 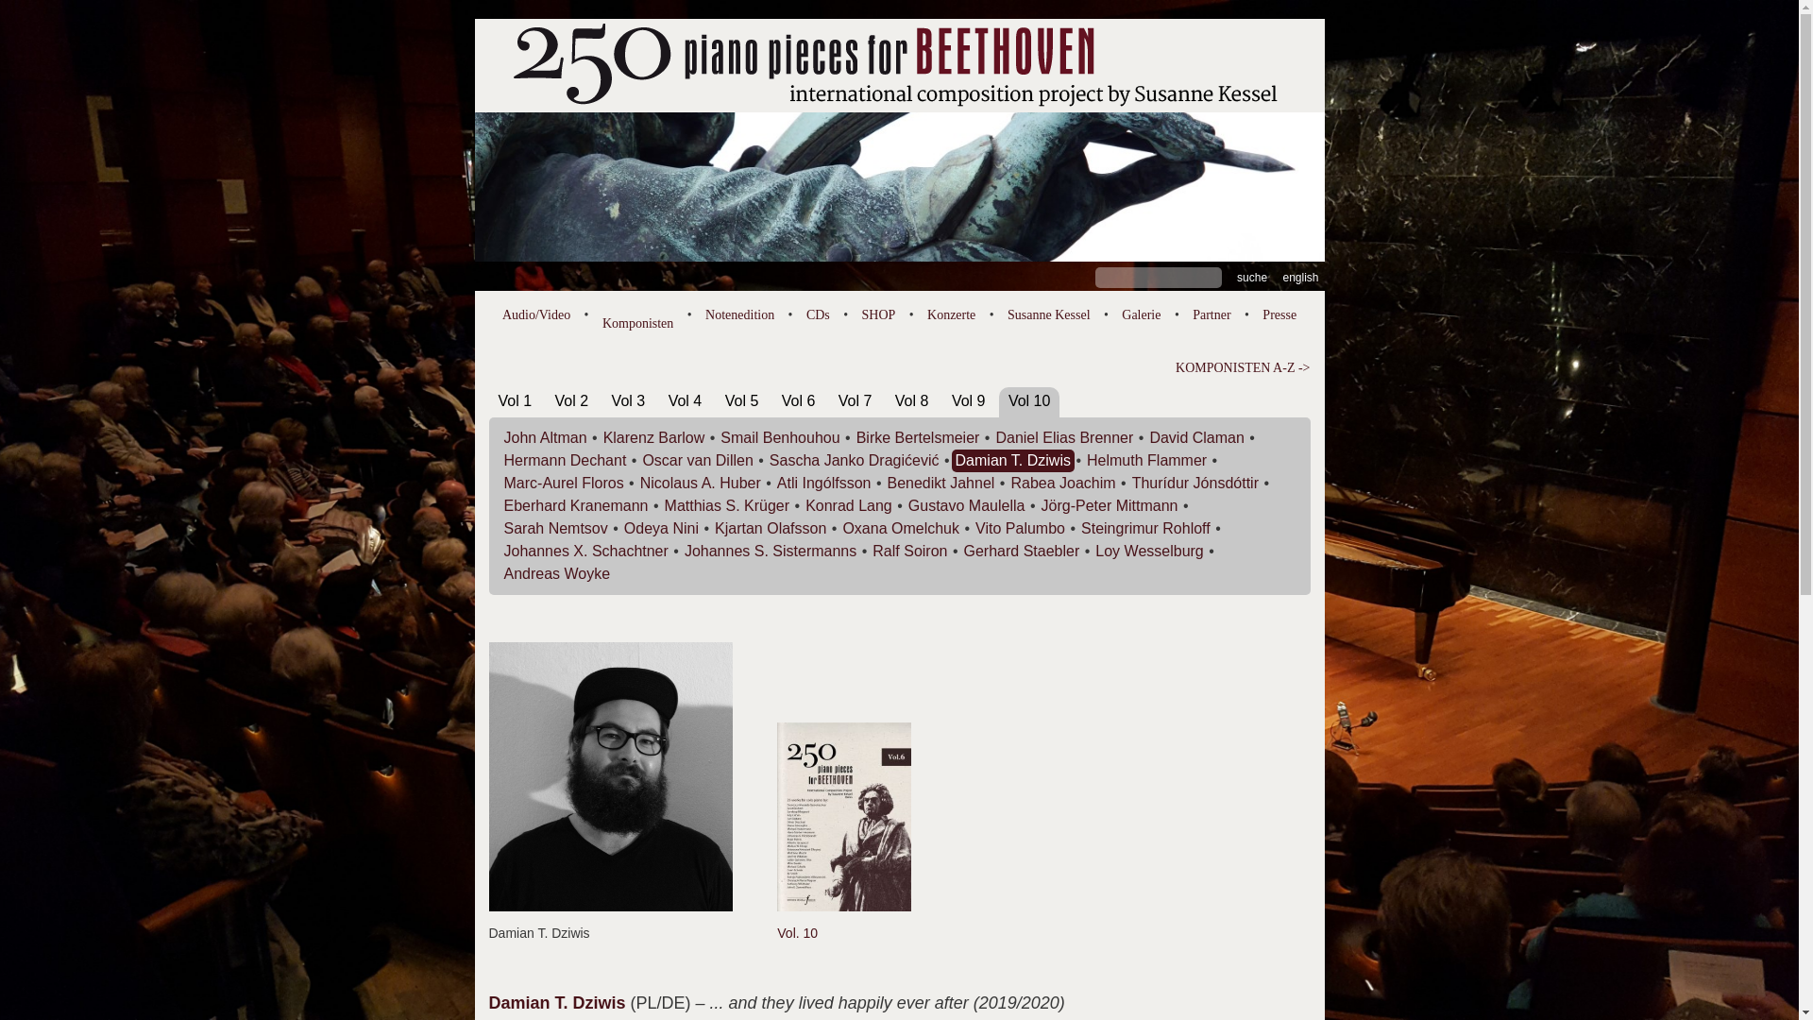 What do you see at coordinates (900, 528) in the screenshot?
I see `'Oxana Omelchuk'` at bounding box center [900, 528].